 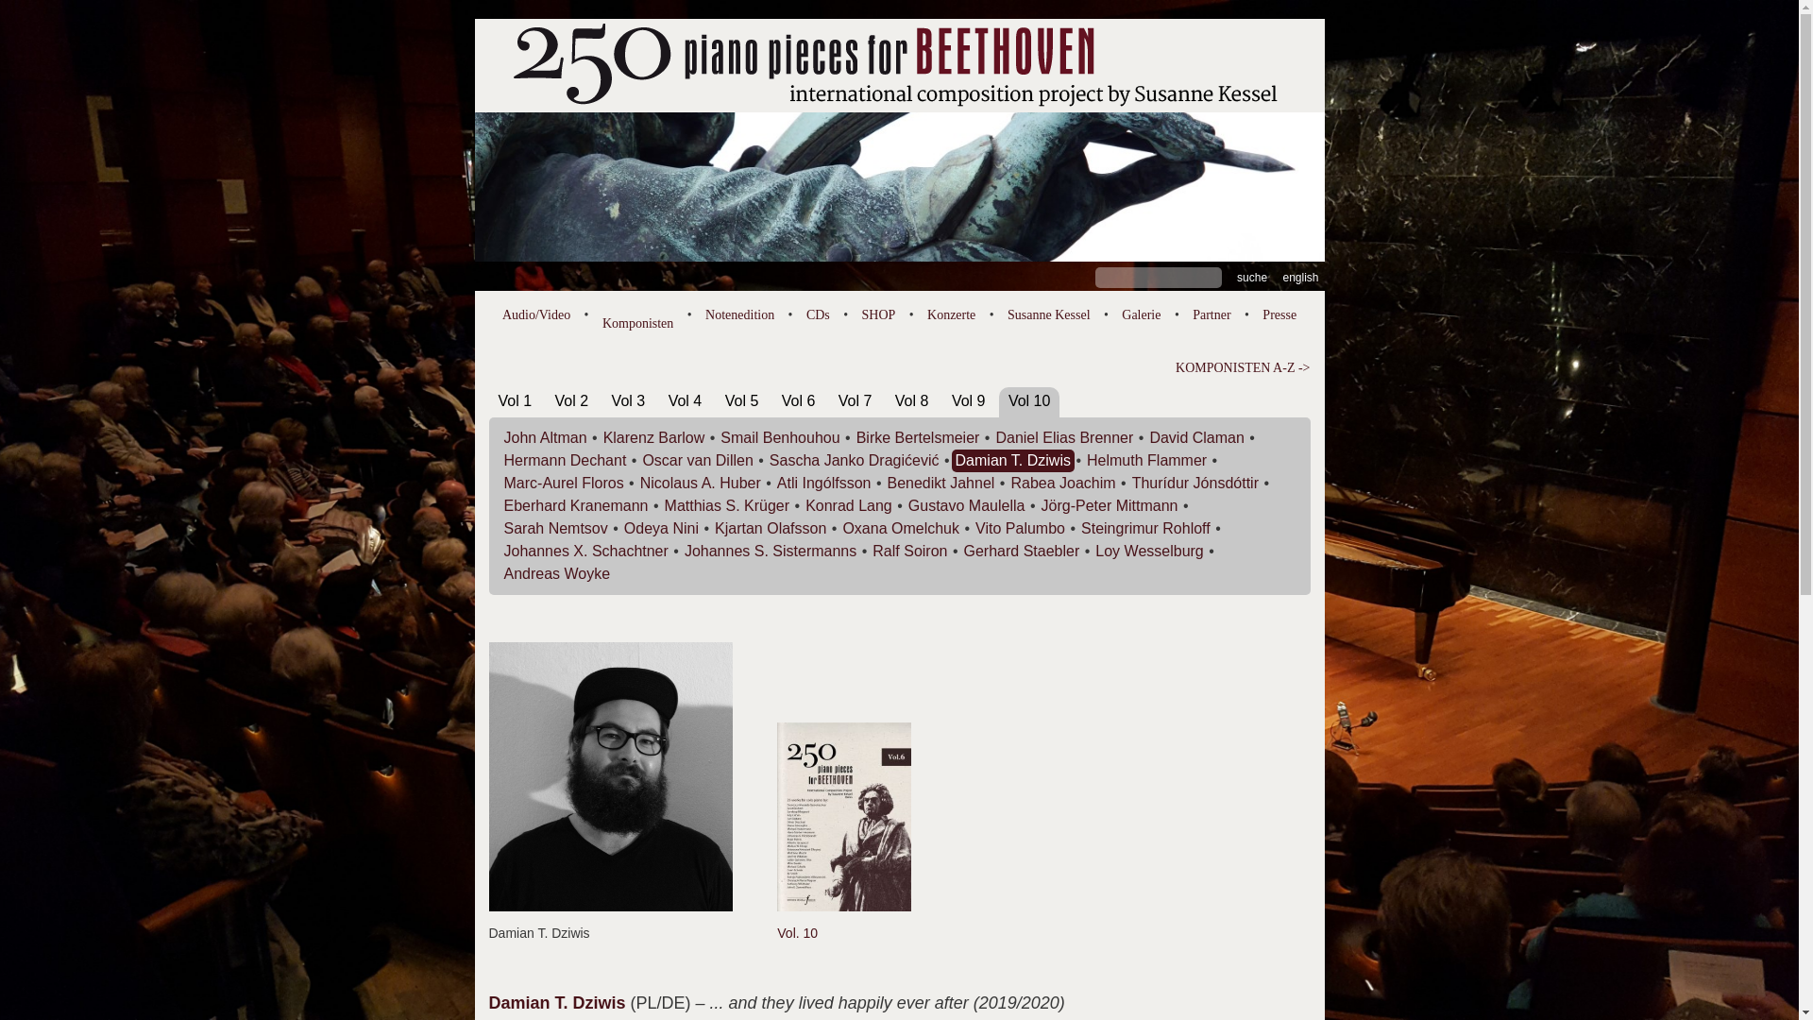 What do you see at coordinates (900, 528) in the screenshot?
I see `'Oxana Omelchuk'` at bounding box center [900, 528].